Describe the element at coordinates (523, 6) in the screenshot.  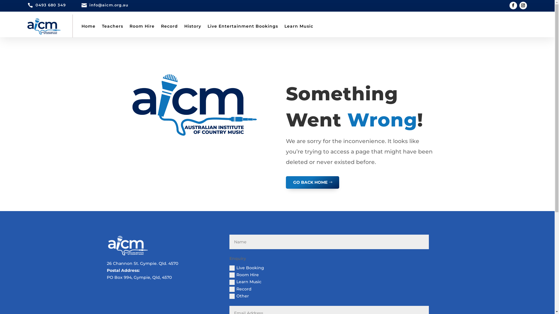
I see `'Follow on Instagram'` at that location.